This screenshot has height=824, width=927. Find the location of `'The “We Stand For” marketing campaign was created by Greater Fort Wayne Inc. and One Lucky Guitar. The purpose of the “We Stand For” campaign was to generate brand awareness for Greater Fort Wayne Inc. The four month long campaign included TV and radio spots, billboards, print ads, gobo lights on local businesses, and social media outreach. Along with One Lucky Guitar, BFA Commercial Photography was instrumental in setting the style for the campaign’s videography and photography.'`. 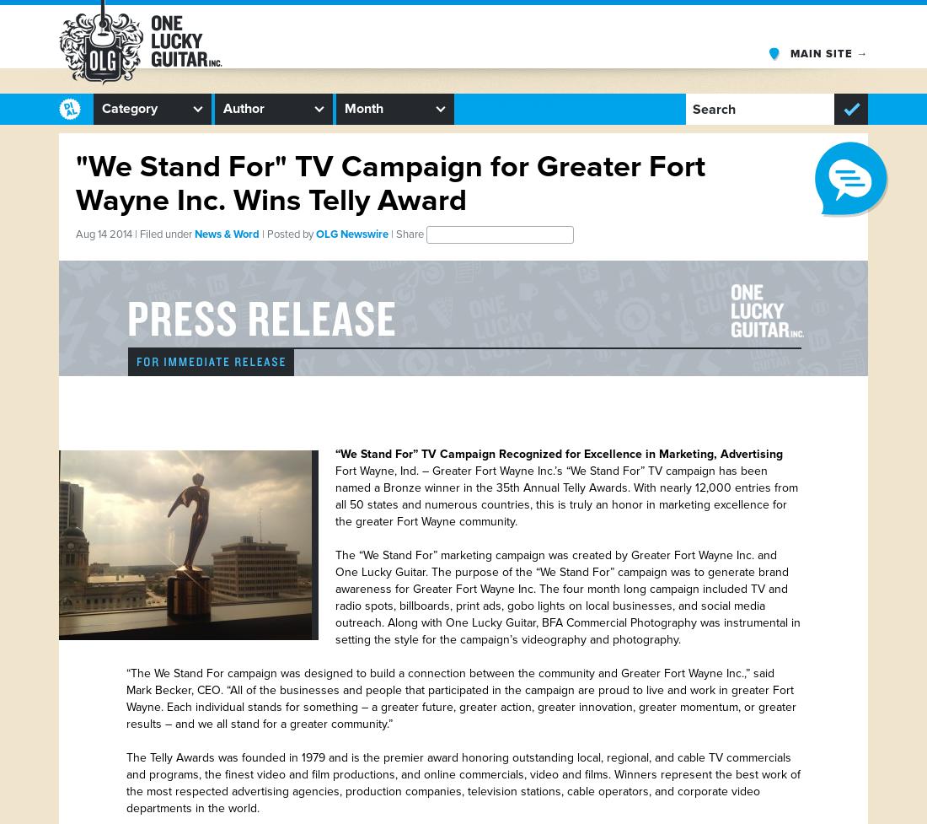

'The “We Stand For” marketing campaign was created by Greater Fort Wayne Inc. and One Lucky Guitar. The purpose of the “We Stand For” campaign was to generate brand awareness for Greater Fort Wayne Inc. The four month long campaign included TV and radio spots, billboards, print ads, gobo lights on local businesses, and social media outreach. Along with One Lucky Guitar, BFA Commercial Photography was instrumental in setting the style for the campaign’s videography and photography.' is located at coordinates (567, 597).